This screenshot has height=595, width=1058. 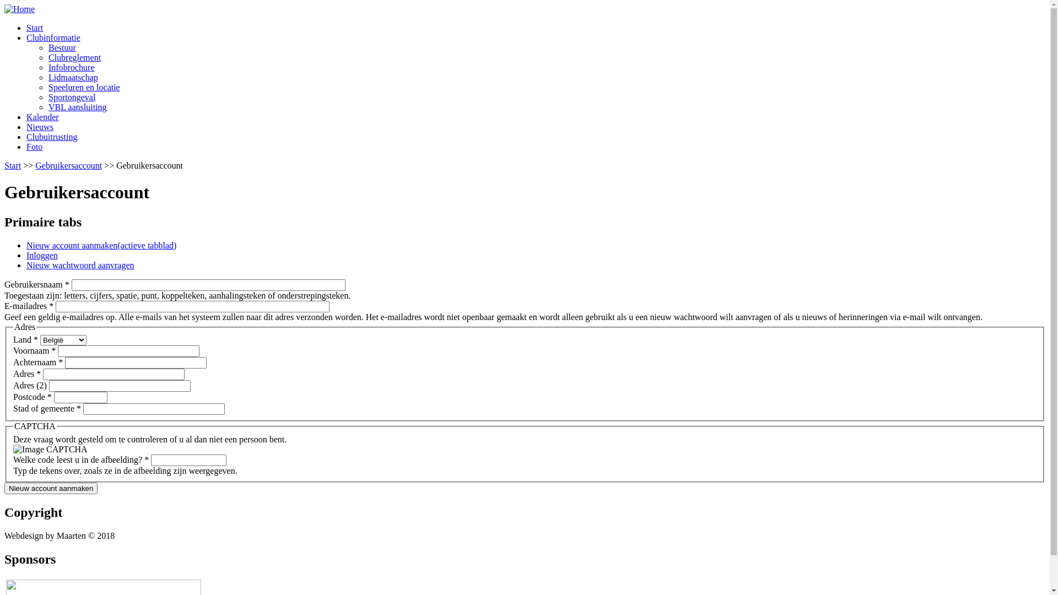 I want to click on 'Start', so click(x=13, y=165).